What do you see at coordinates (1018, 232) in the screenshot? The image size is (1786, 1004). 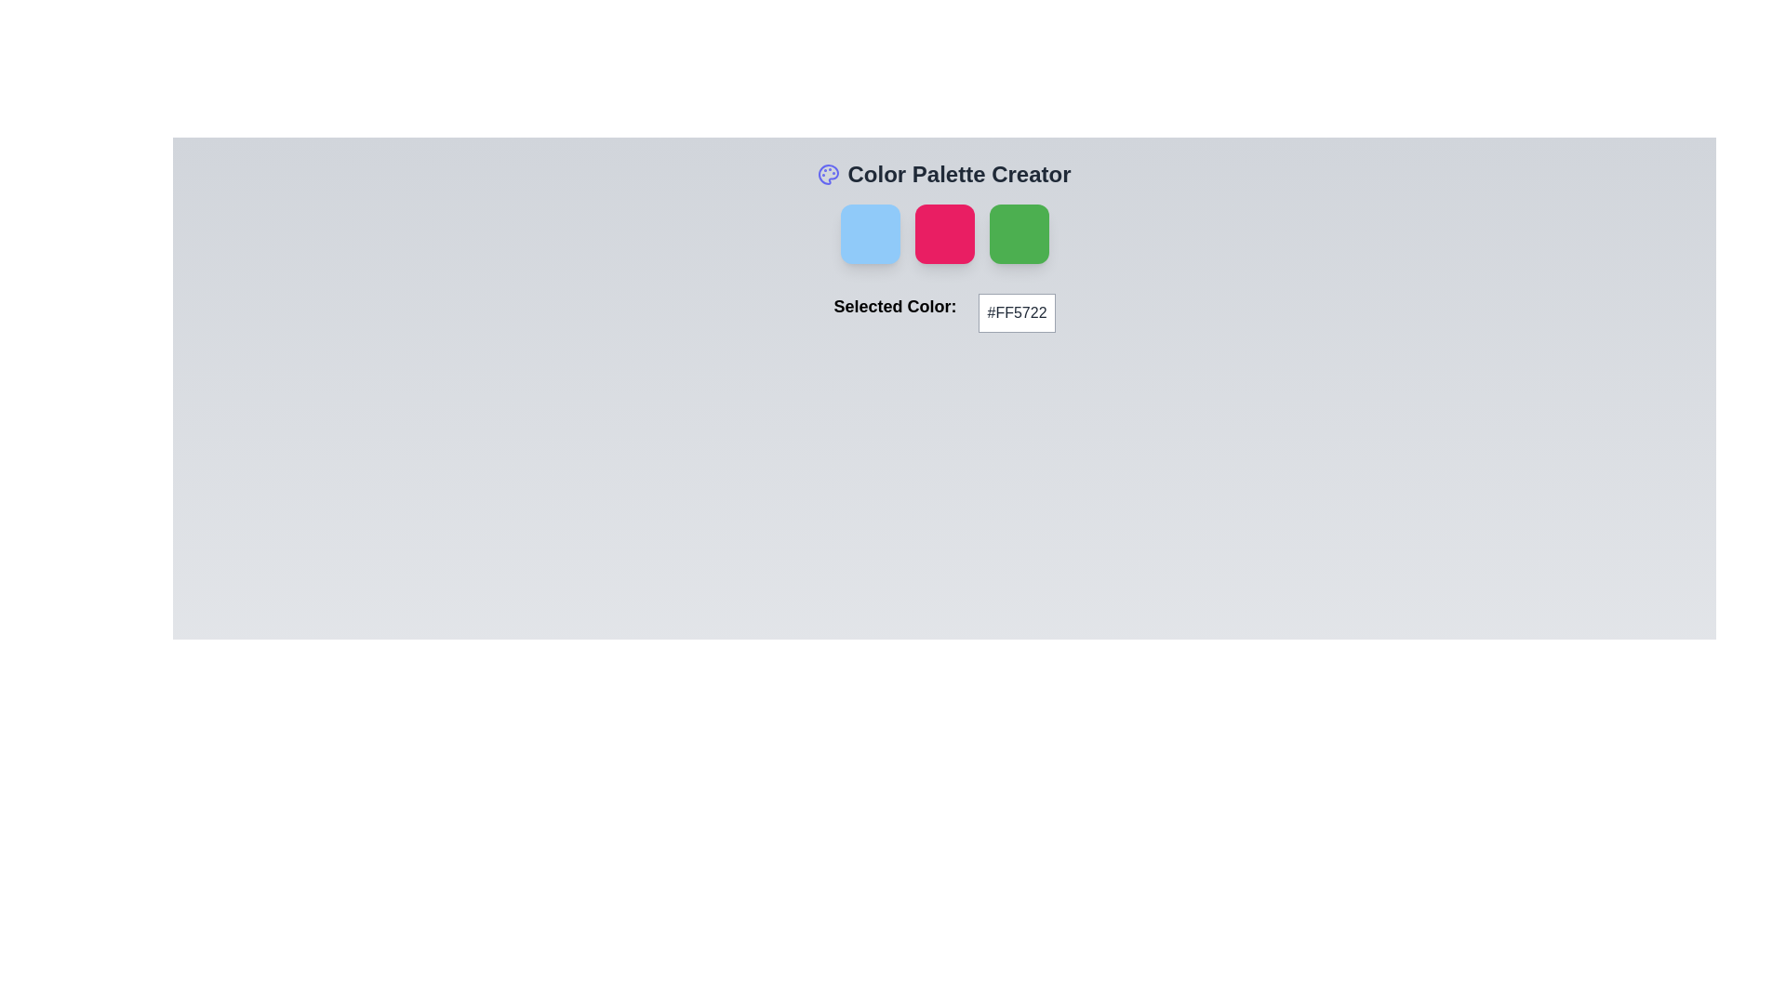 I see `the third square component on the right side of the color palette creator interface` at bounding box center [1018, 232].